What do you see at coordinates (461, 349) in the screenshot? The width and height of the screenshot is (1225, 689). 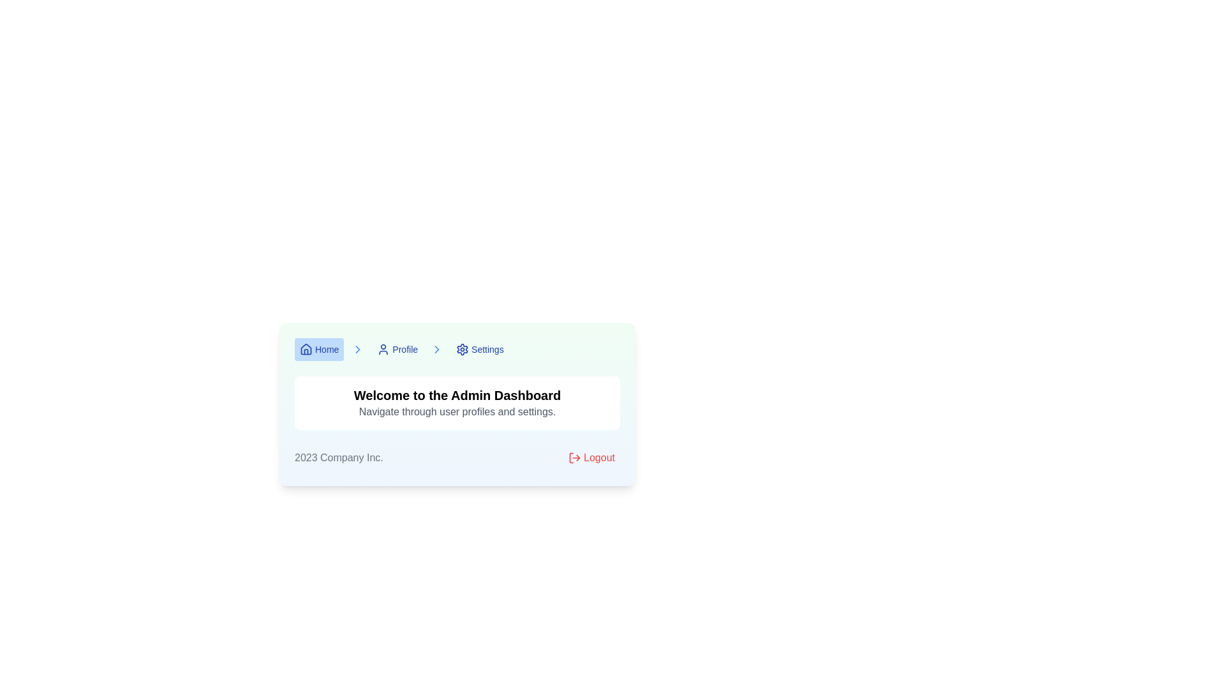 I see `the gear icon in the navigation bar next to the 'Settings' text` at bounding box center [461, 349].